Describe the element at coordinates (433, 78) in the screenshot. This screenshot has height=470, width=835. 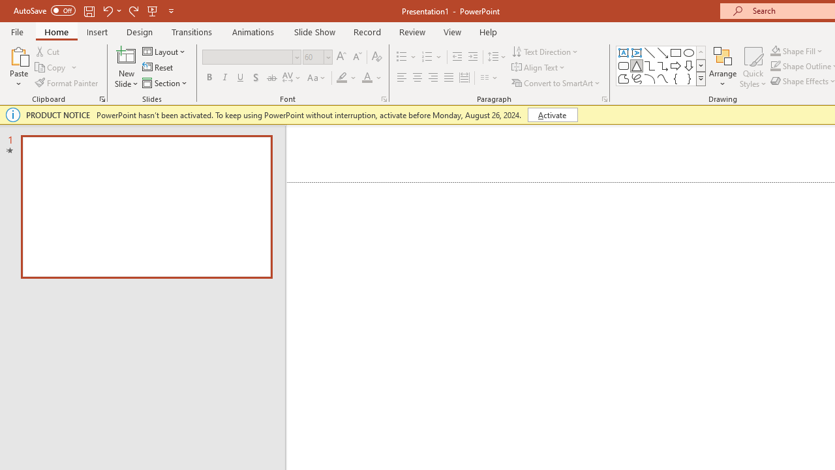
I see `'Align Right'` at that location.